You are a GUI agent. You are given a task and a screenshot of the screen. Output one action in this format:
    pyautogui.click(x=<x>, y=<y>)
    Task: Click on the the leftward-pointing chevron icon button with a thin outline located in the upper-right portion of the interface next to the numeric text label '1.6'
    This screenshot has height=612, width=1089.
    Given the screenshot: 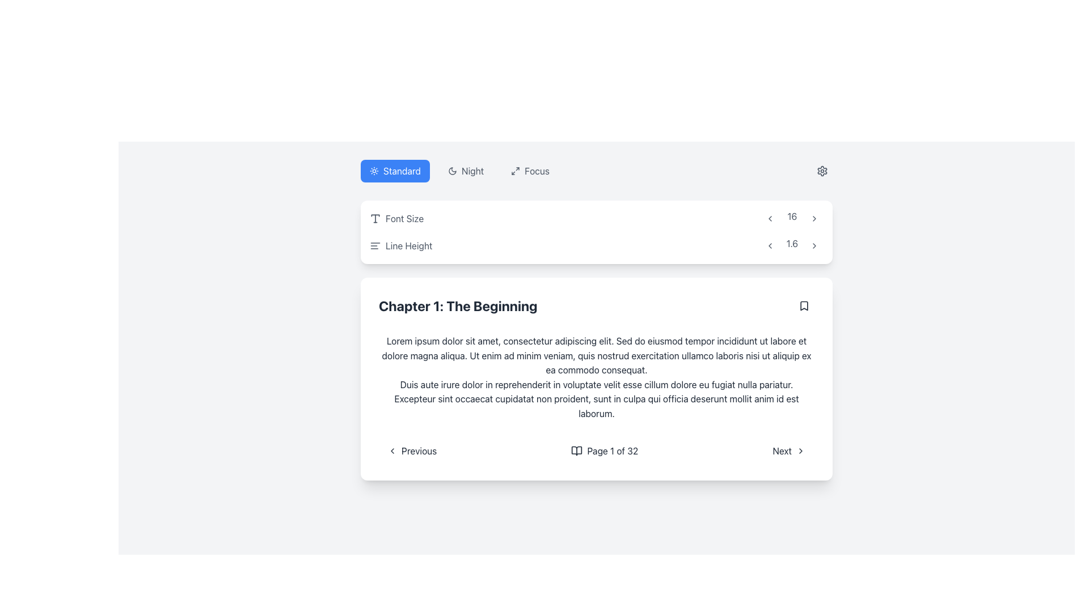 What is the action you would take?
    pyautogui.click(x=770, y=245)
    